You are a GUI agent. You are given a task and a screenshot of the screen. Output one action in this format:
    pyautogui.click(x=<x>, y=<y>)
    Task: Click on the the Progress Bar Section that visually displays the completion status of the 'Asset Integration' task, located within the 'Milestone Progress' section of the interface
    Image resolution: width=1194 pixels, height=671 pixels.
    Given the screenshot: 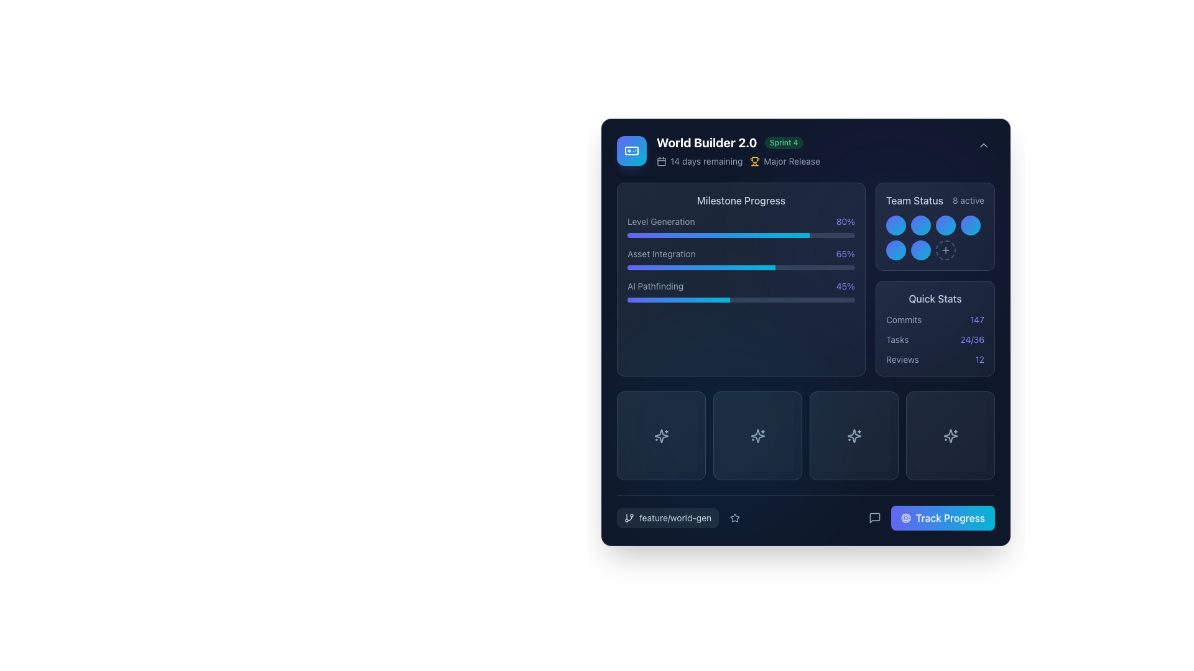 What is the action you would take?
    pyautogui.click(x=701, y=267)
    